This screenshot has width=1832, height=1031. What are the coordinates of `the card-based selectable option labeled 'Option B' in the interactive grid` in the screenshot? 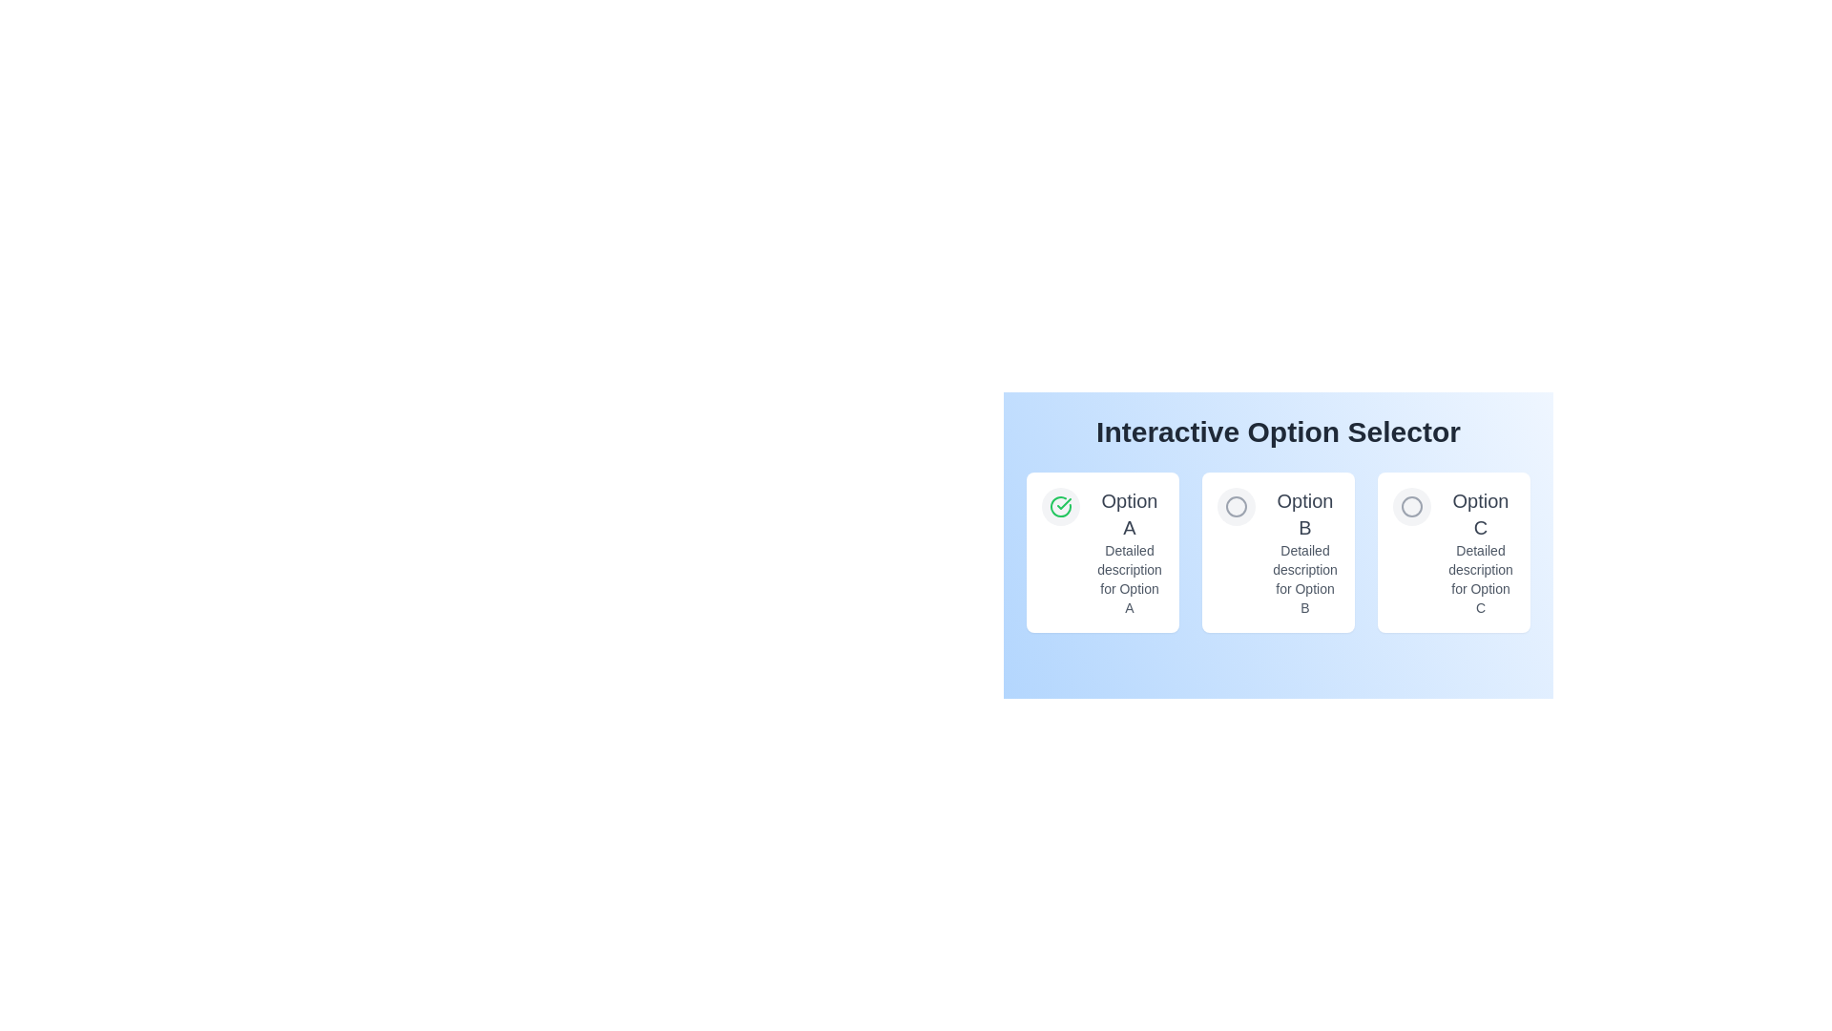 It's located at (1278, 552).